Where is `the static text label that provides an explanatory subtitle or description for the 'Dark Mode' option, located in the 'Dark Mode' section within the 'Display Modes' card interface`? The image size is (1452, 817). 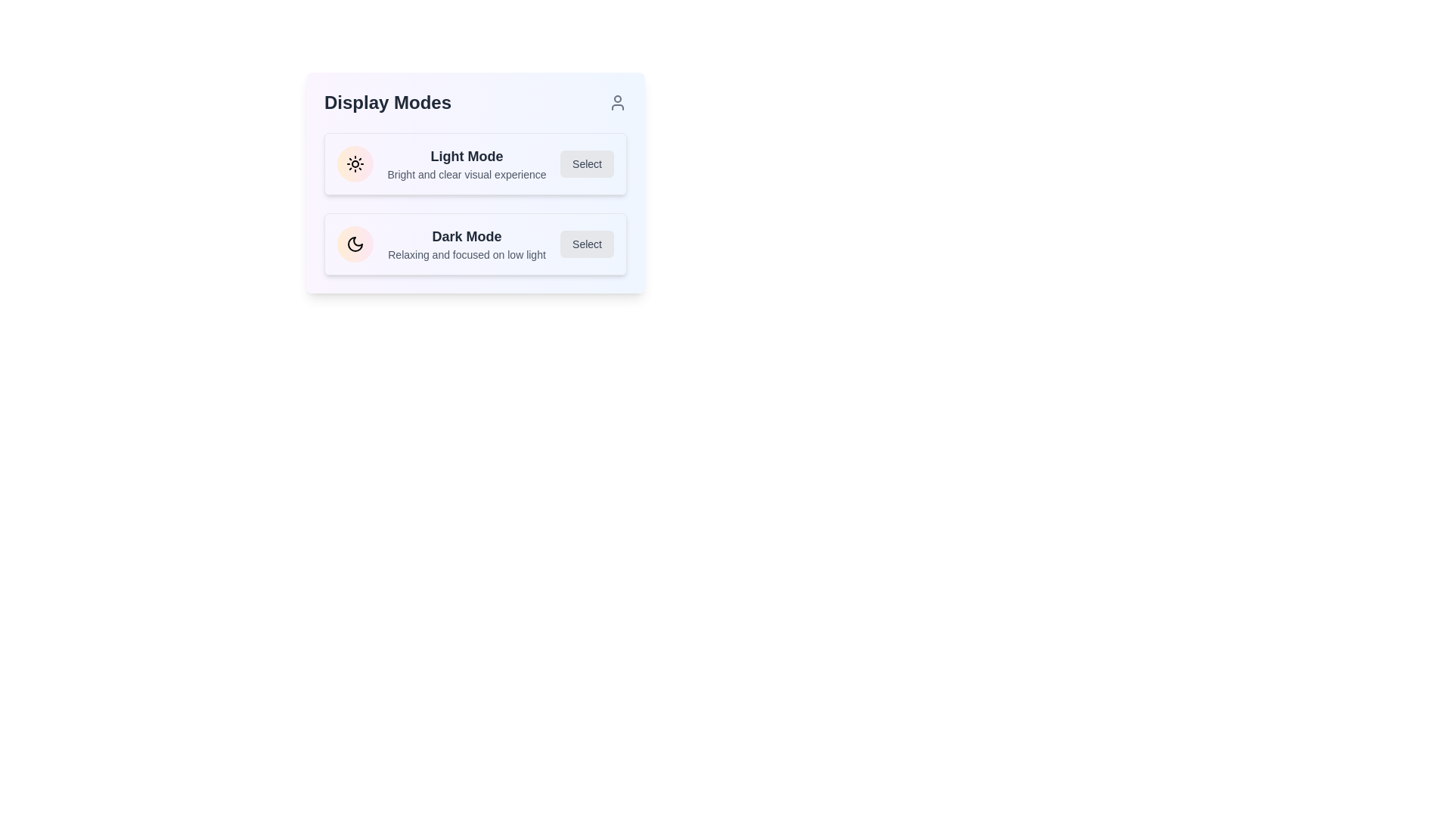 the static text label that provides an explanatory subtitle or description for the 'Dark Mode' option, located in the 'Dark Mode' section within the 'Display Modes' card interface is located at coordinates (466, 253).